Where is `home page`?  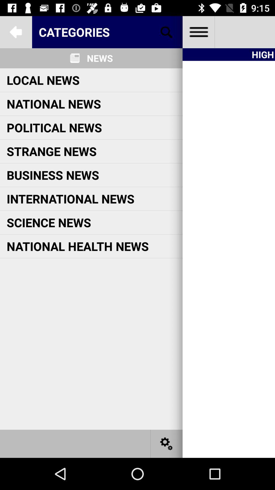
home page is located at coordinates (198, 32).